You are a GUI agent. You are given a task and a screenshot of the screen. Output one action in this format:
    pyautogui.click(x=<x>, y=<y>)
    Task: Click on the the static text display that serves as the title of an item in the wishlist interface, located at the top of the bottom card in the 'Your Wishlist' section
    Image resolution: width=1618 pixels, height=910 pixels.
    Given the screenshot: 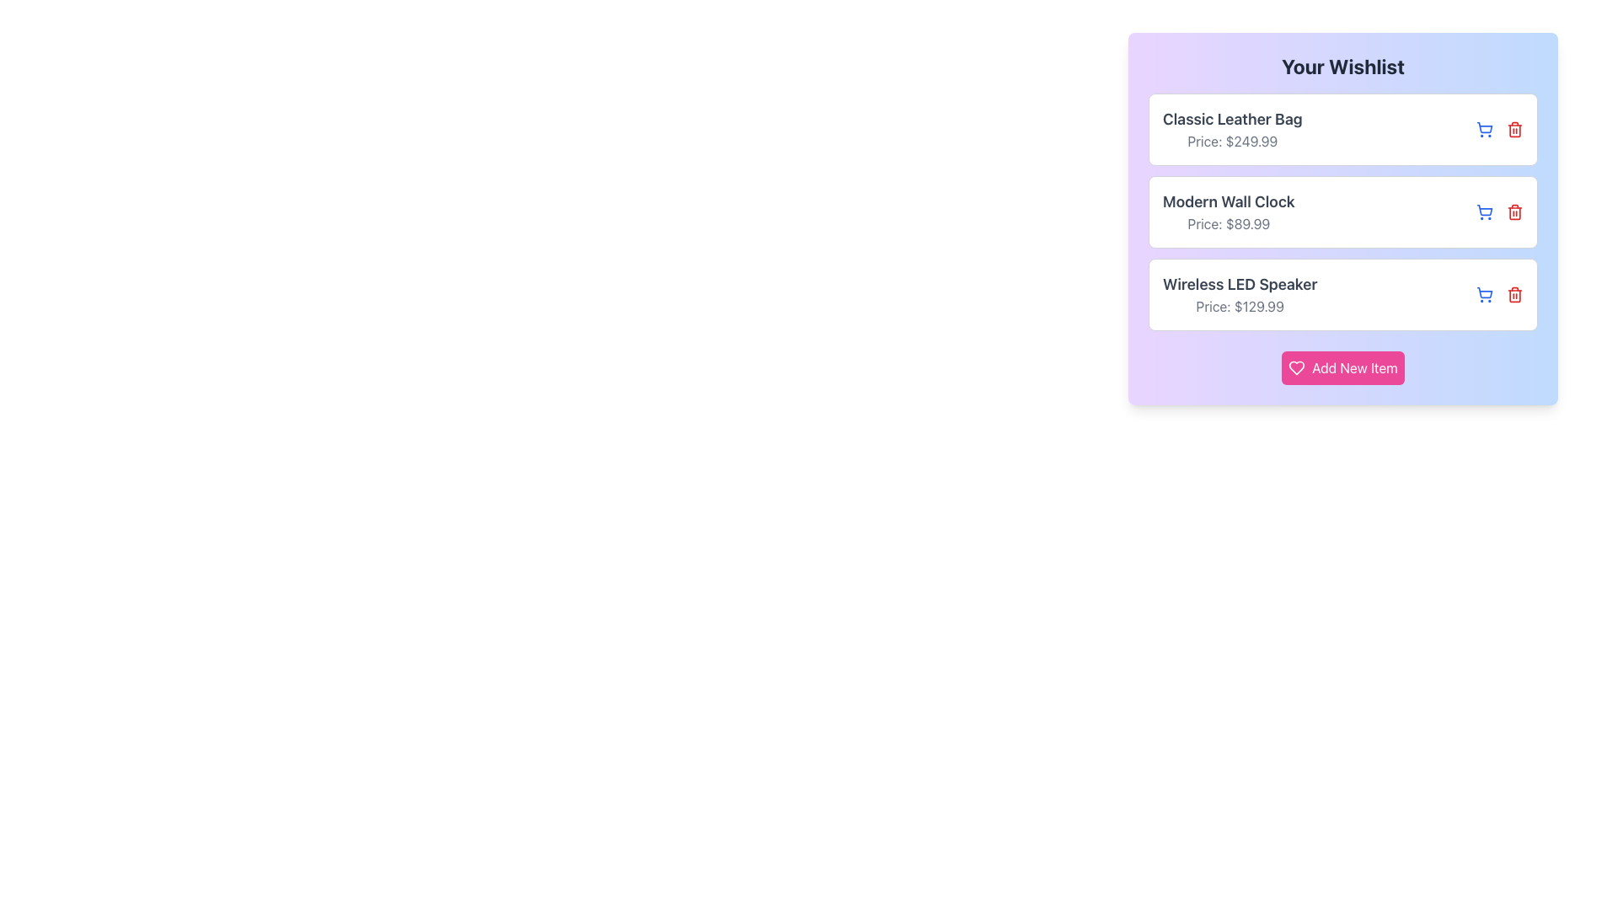 What is the action you would take?
    pyautogui.click(x=1240, y=284)
    